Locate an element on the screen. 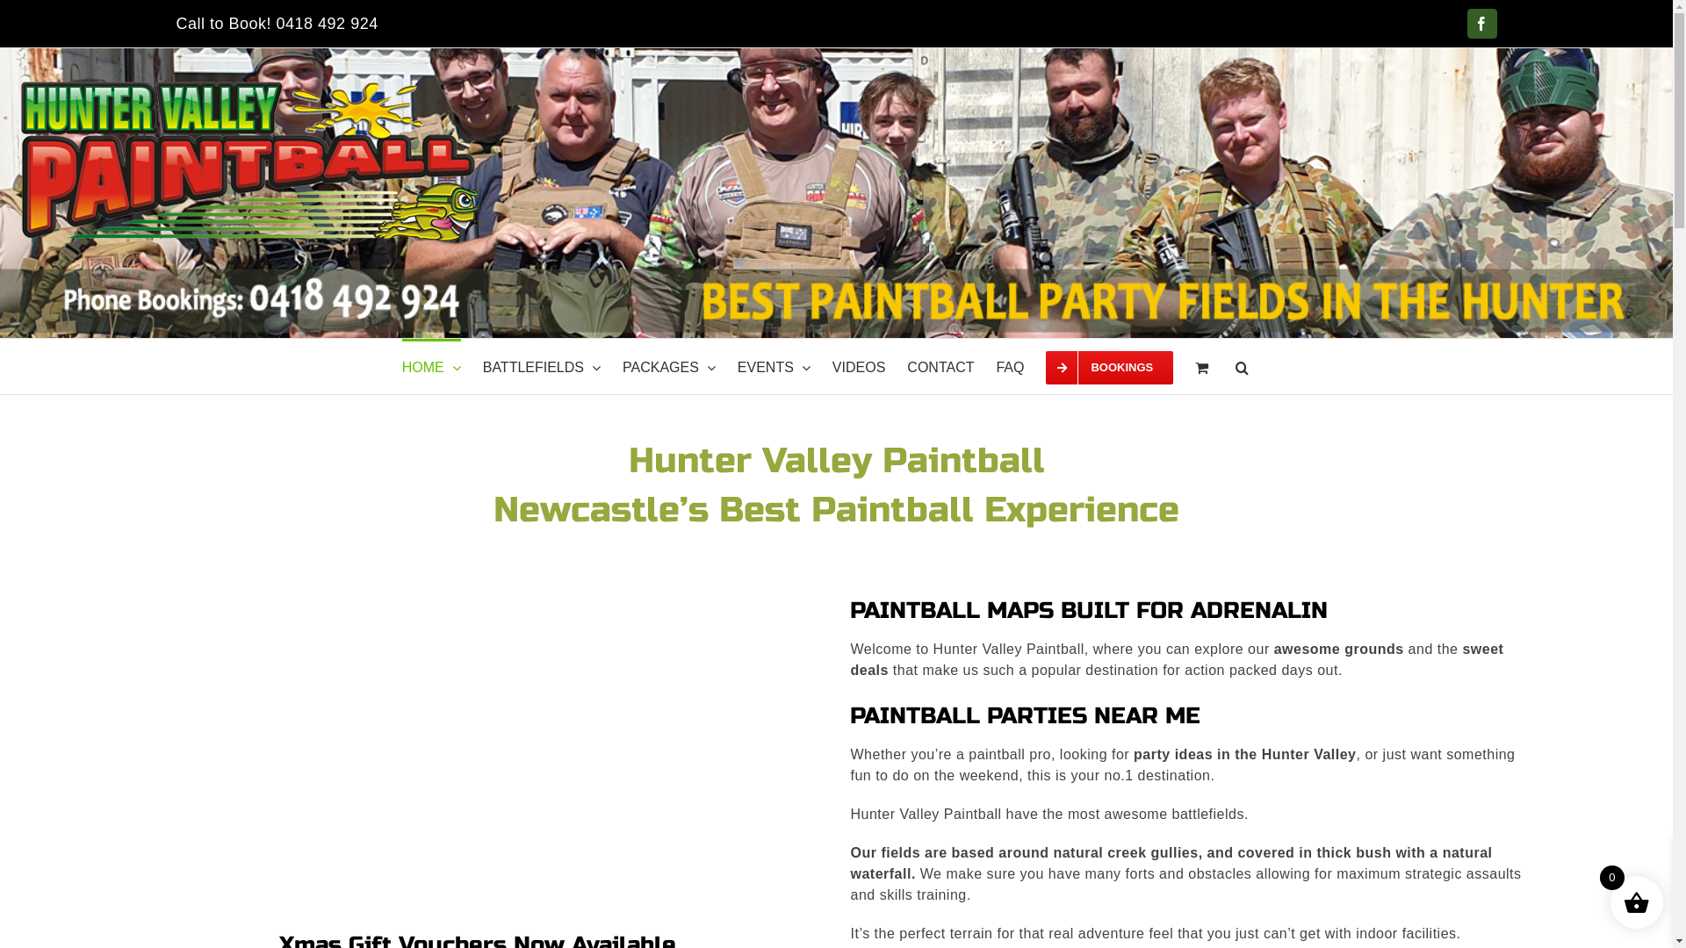  'BOOKINGS' is located at coordinates (1108, 365).